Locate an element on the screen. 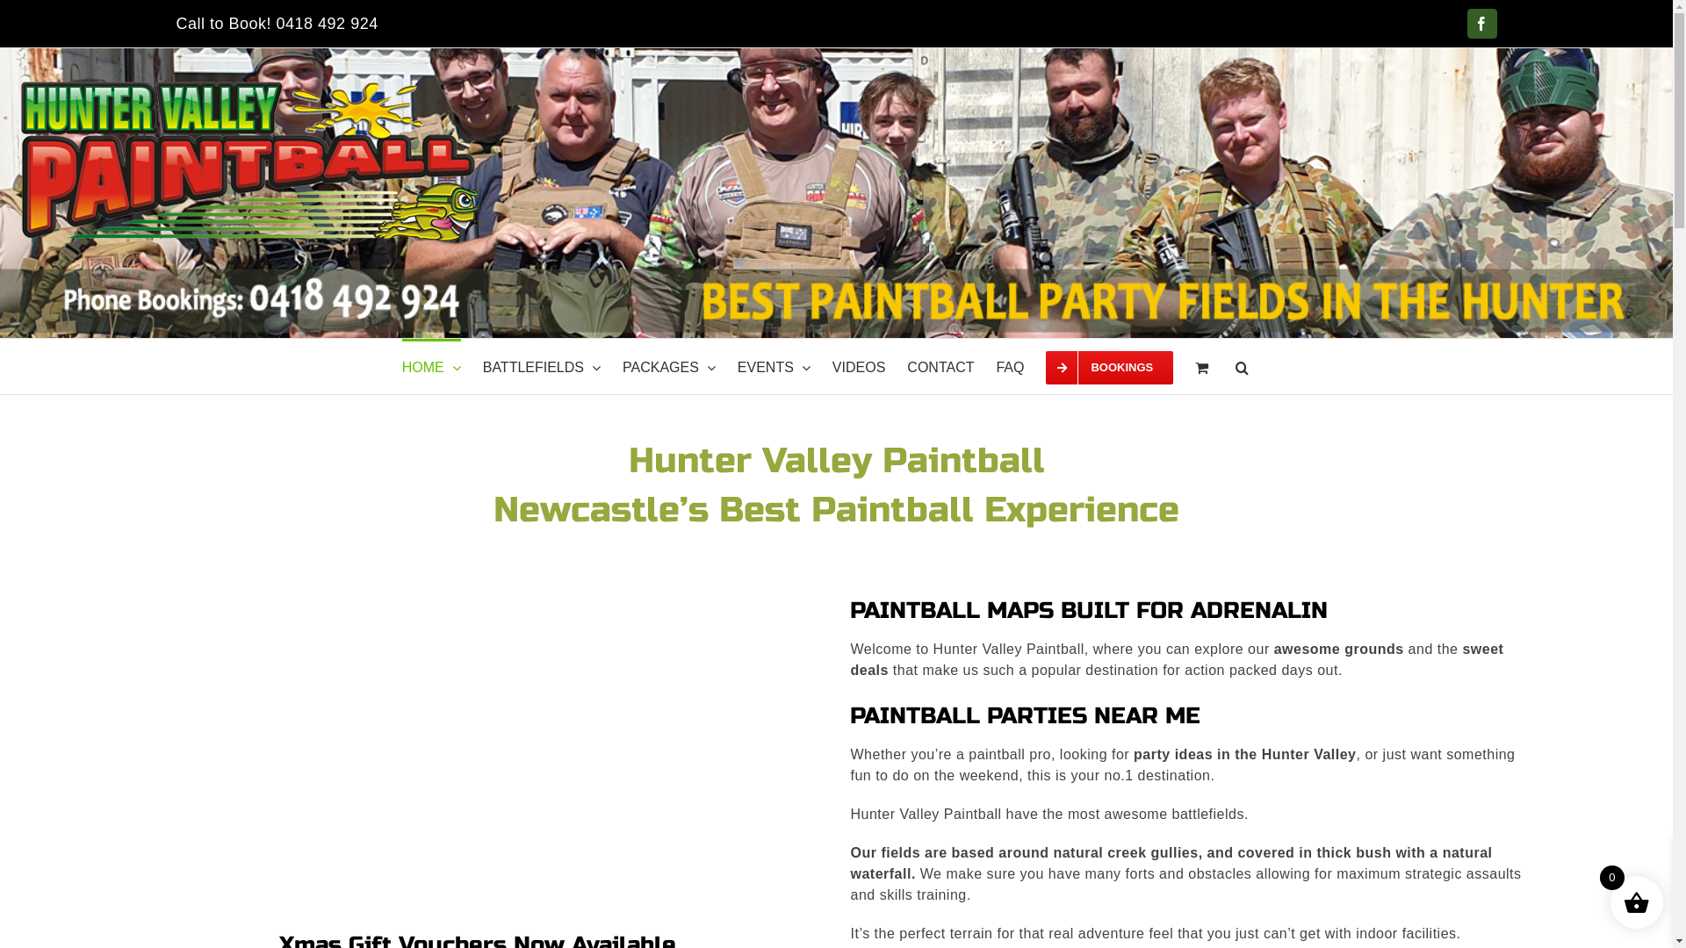  'BOOKINGS' is located at coordinates (1108, 365).